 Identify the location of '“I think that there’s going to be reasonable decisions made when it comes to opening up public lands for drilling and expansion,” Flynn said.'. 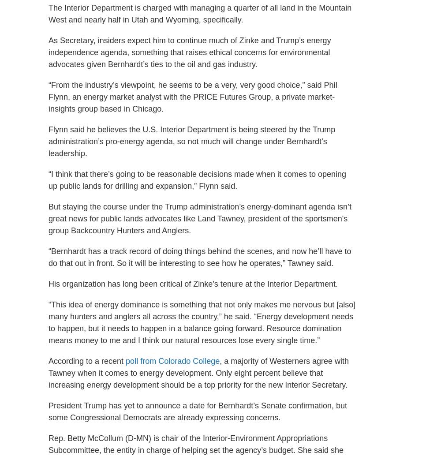
(197, 179).